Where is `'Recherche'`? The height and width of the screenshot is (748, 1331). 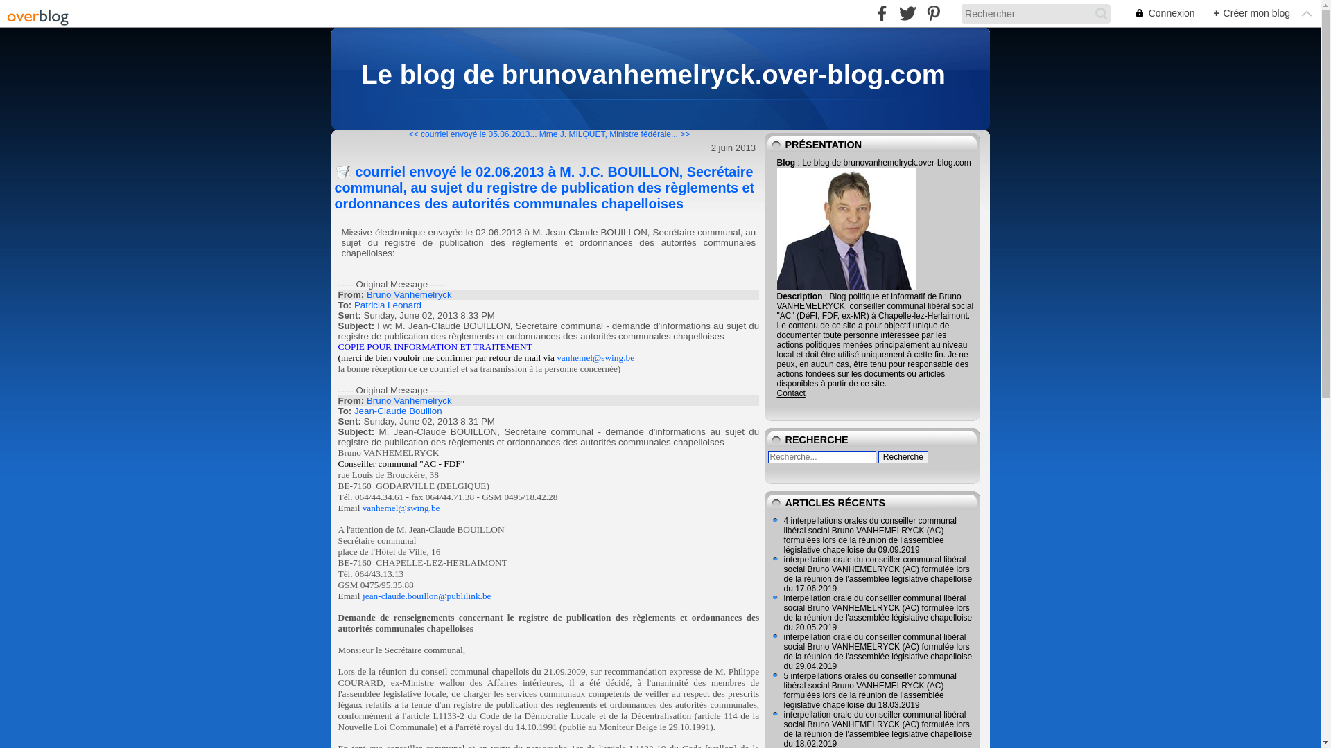 'Recherche' is located at coordinates (903, 456).